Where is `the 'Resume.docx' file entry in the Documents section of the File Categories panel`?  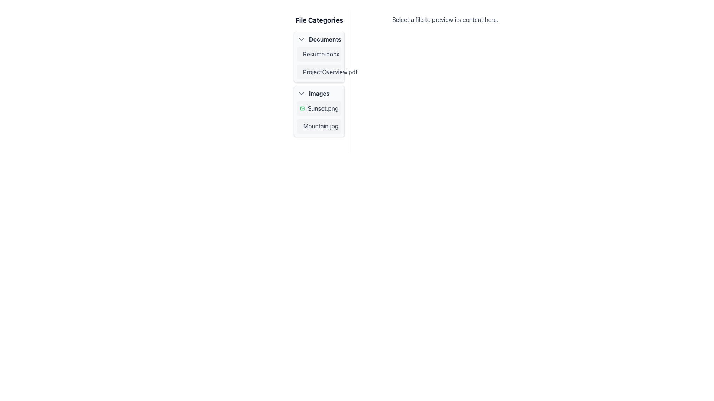 the 'Resume.docx' file entry in the Documents section of the File Categories panel is located at coordinates (319, 57).